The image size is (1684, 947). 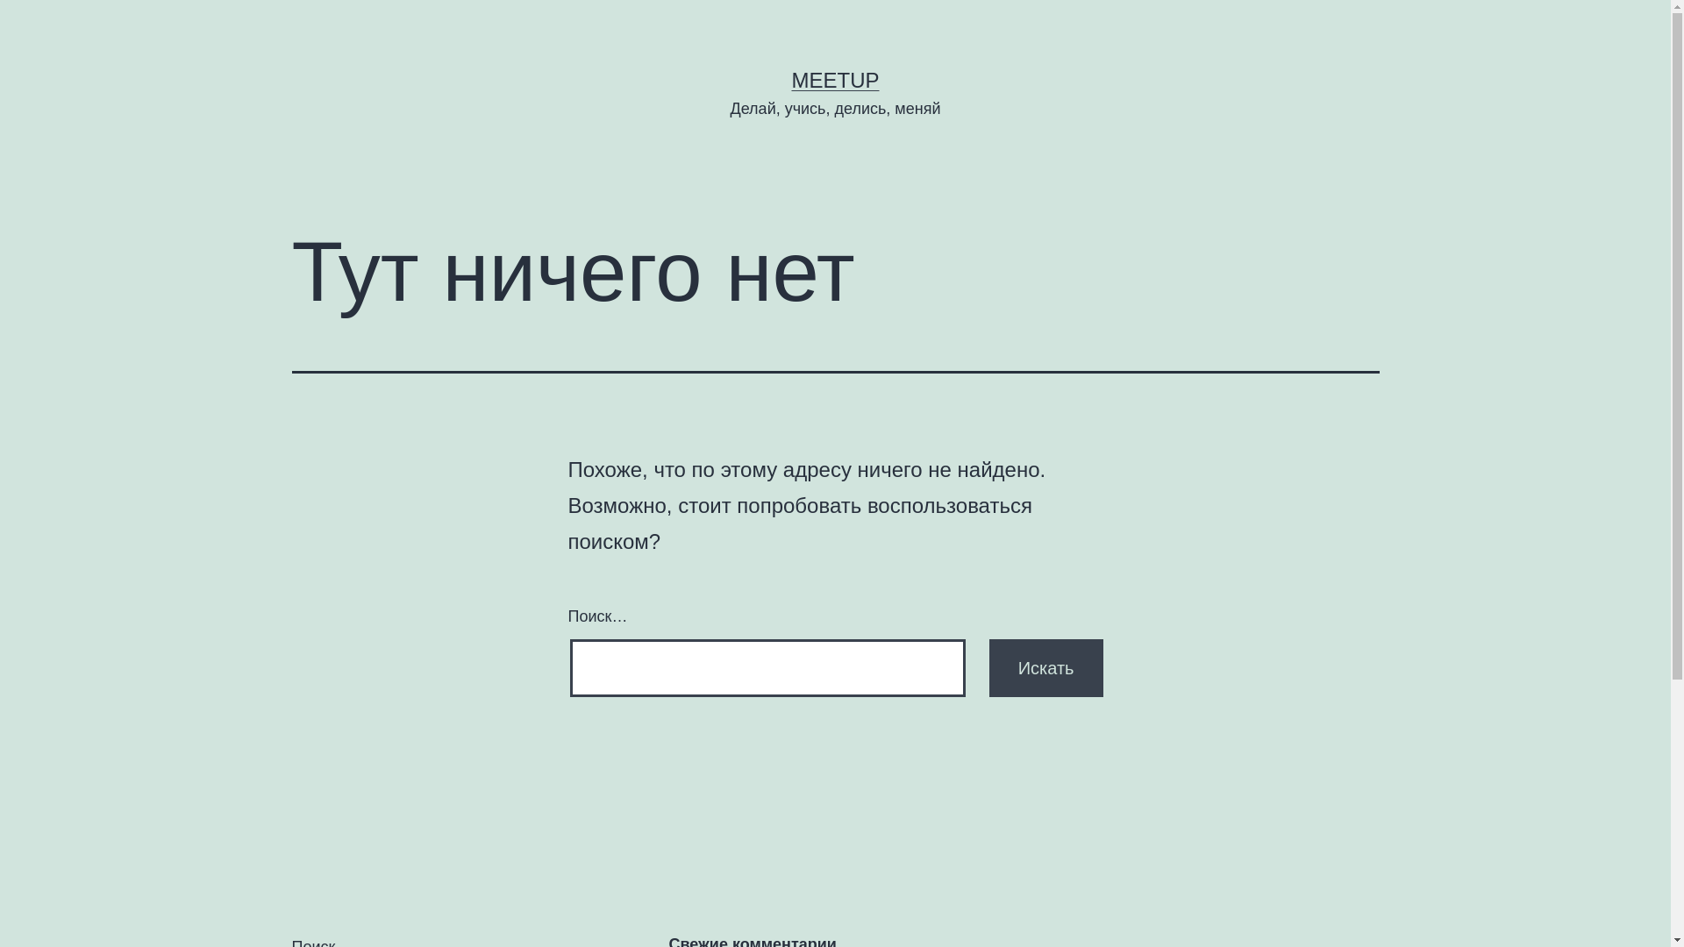 What do you see at coordinates (790, 80) in the screenshot?
I see `'MEETUP'` at bounding box center [790, 80].